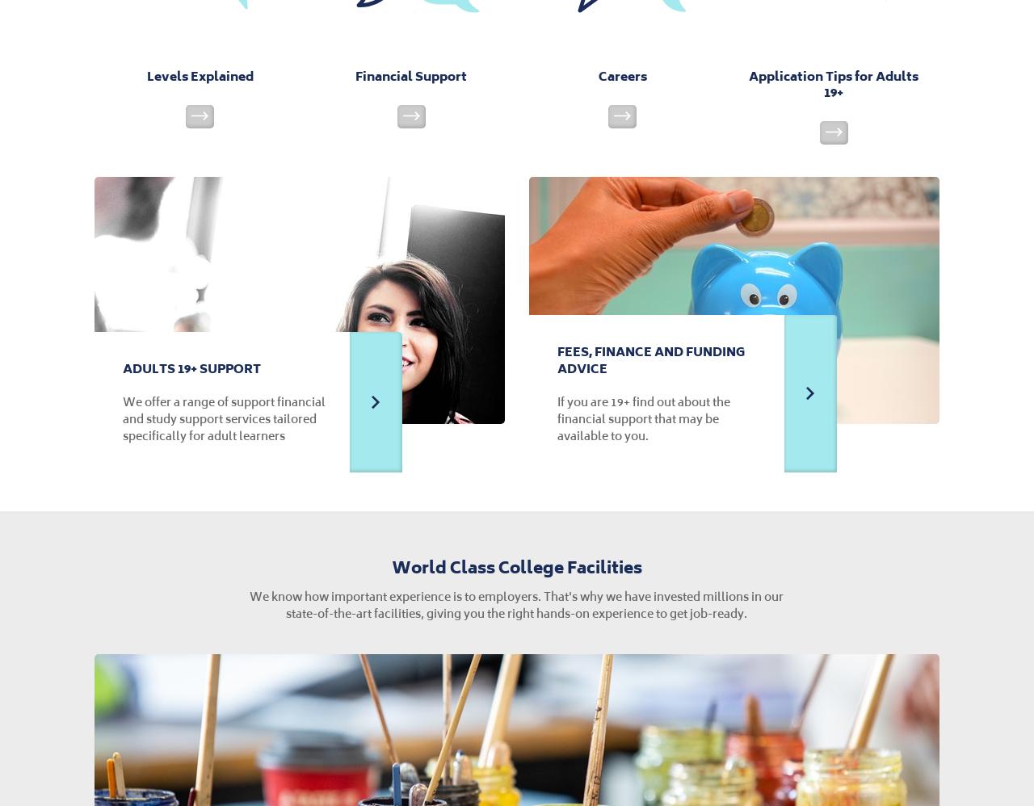  I want to click on 'Fees, Finance and Funding Advice', so click(557, 359).